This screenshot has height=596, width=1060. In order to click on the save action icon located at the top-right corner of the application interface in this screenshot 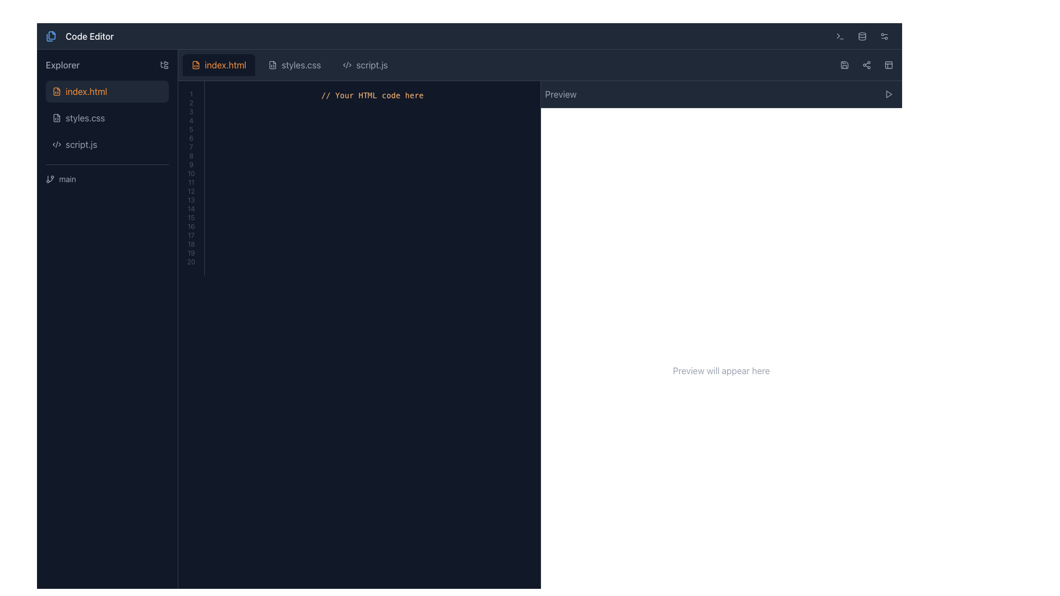, I will do `click(844, 65)`.